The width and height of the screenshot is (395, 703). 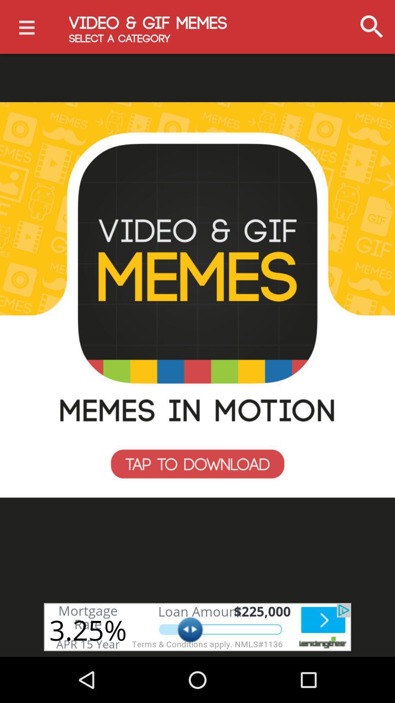 What do you see at coordinates (197, 626) in the screenshot?
I see `open advertisement` at bounding box center [197, 626].